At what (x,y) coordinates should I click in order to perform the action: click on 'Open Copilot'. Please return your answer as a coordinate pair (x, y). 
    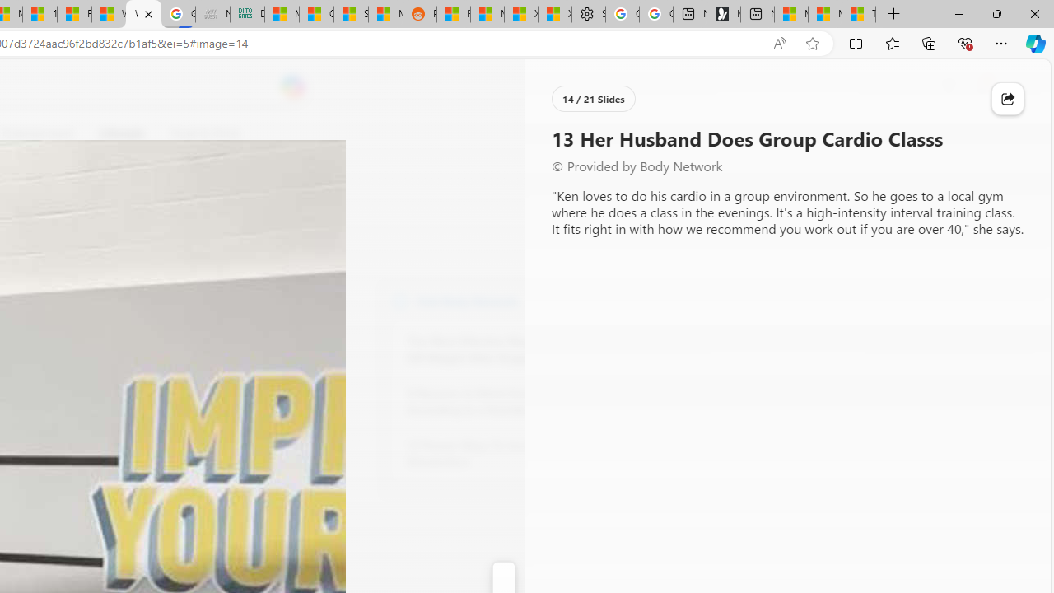
    Looking at the image, I should click on (292, 86).